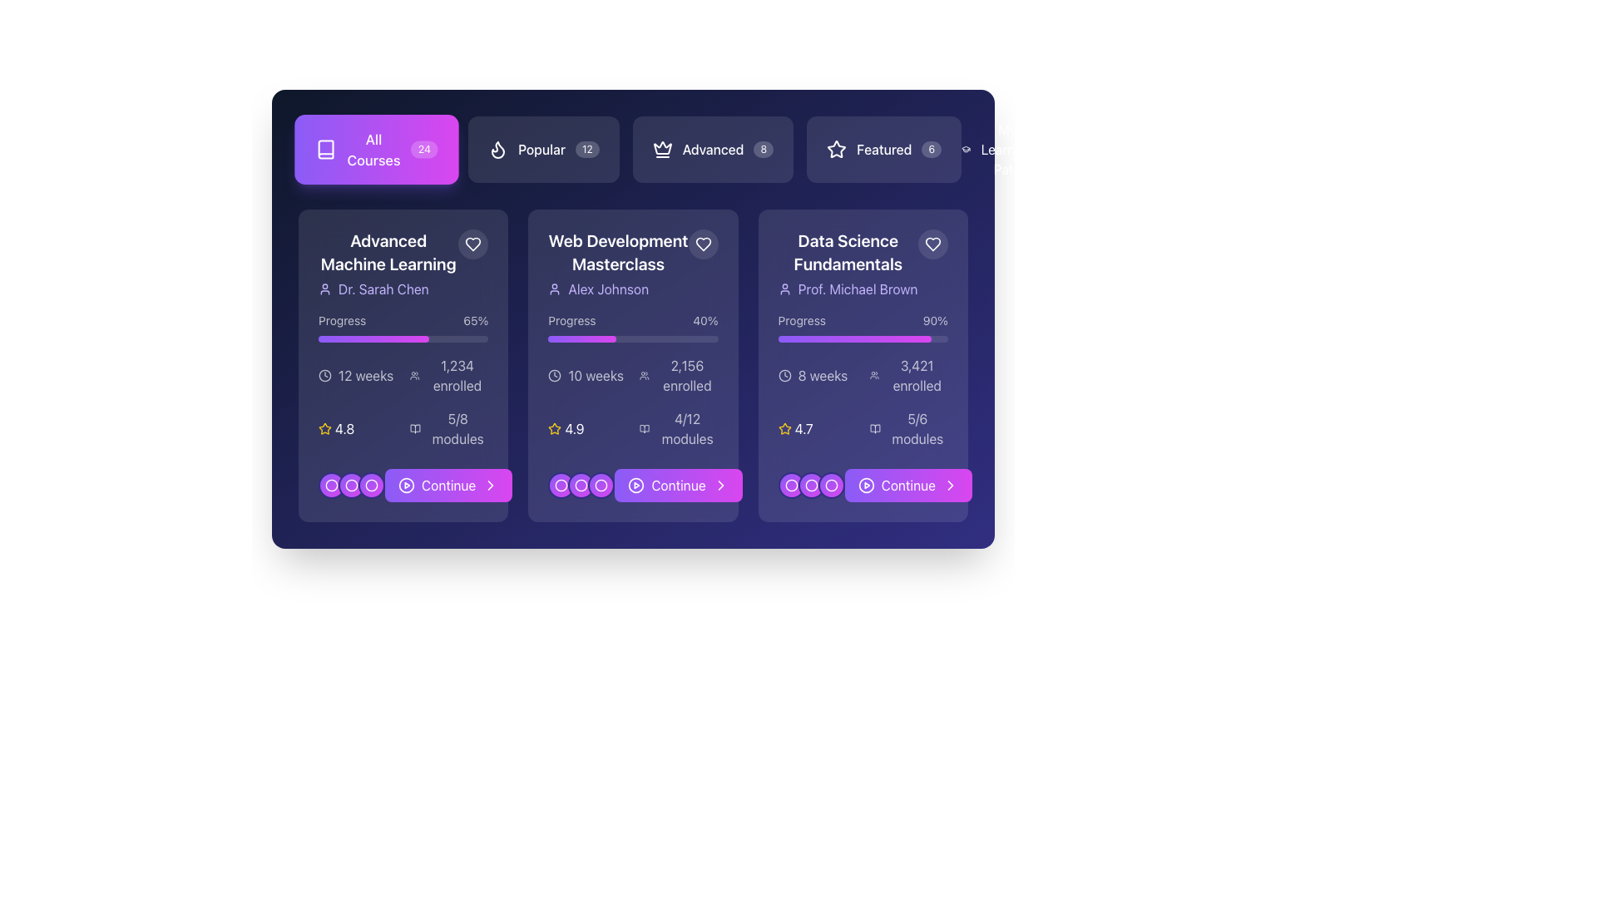 The height and width of the screenshot is (898, 1597). What do you see at coordinates (817, 375) in the screenshot?
I see `the non-interactive text label displaying the course duration '8 weeks' located in the 'Data Science Fundamentals' section, aligned with the '3,421 enrolled' text` at bounding box center [817, 375].